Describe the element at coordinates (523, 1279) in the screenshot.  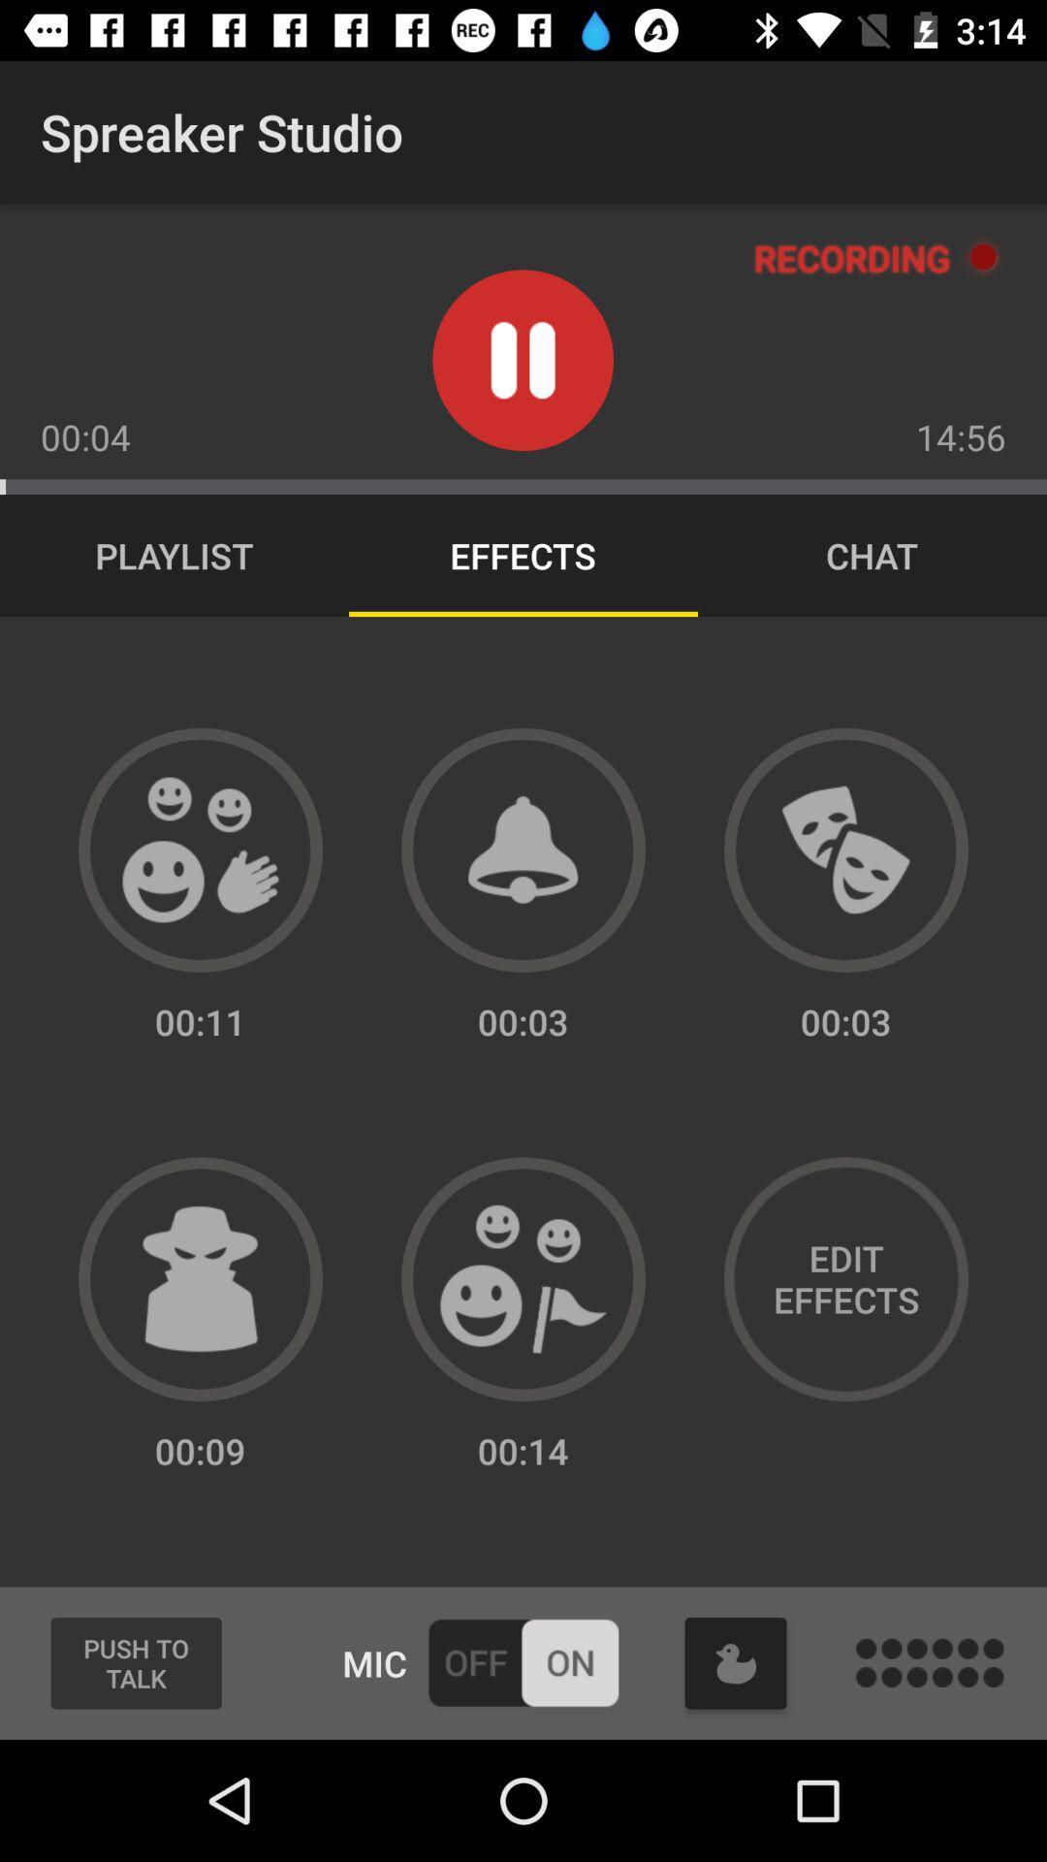
I see `effect` at that location.